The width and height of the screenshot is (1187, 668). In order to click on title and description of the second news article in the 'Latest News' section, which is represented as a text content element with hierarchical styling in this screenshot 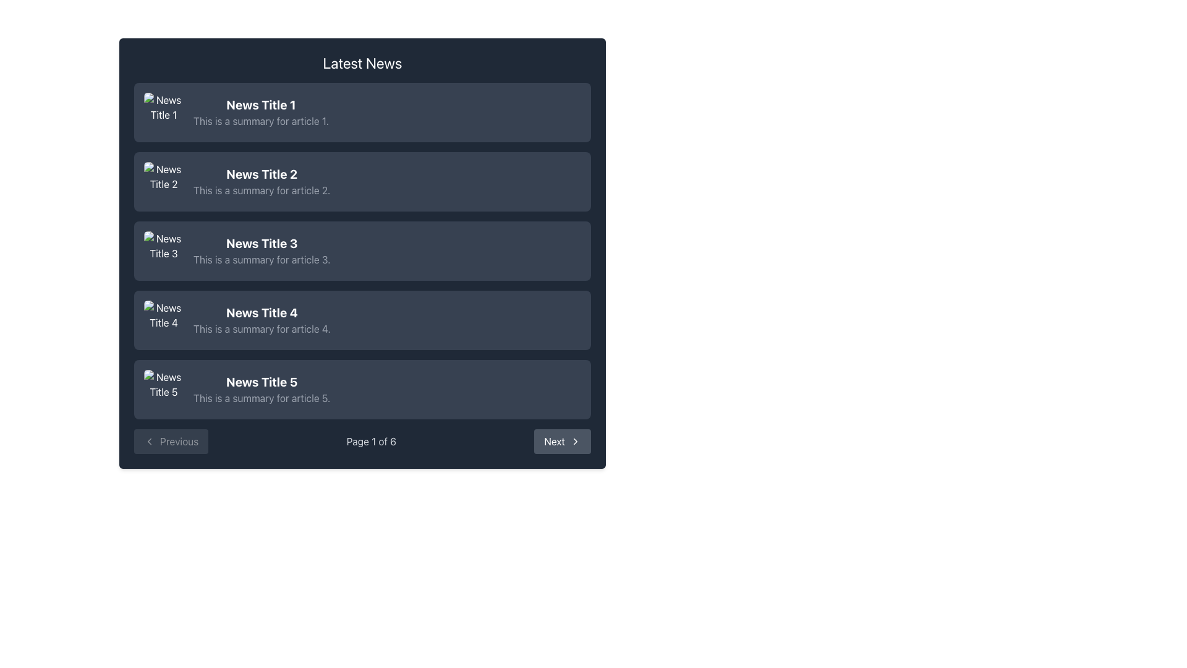, I will do `click(261, 181)`.